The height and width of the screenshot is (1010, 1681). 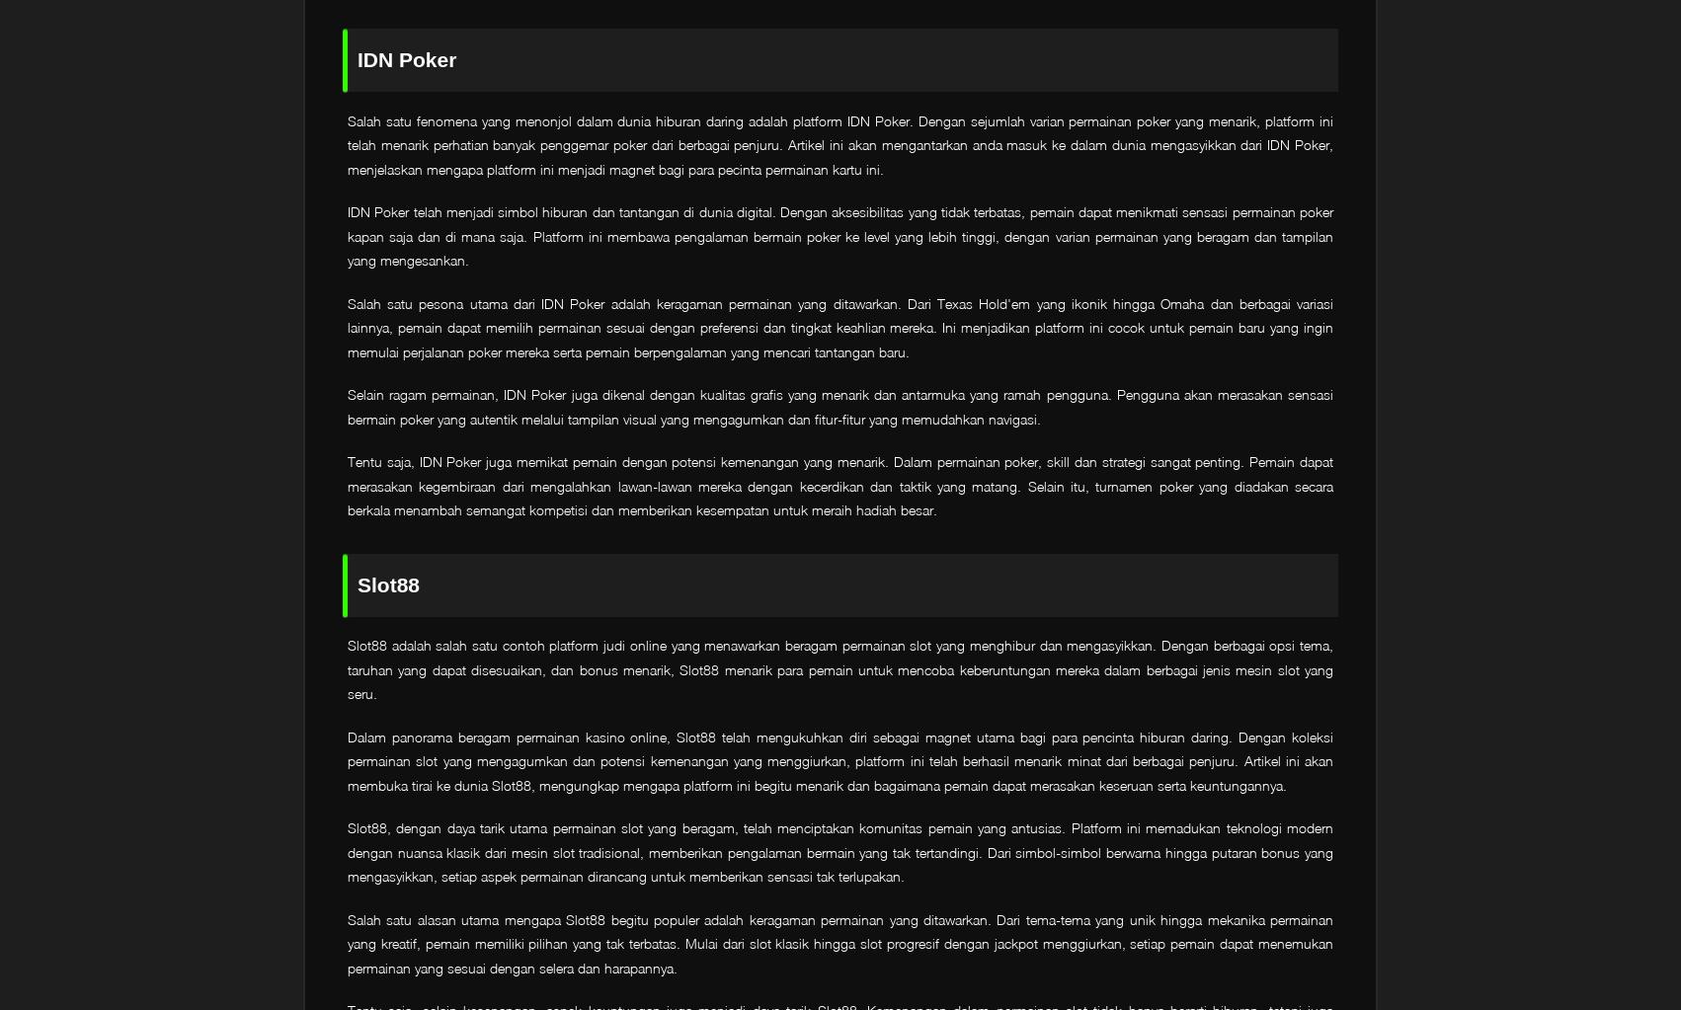 I want to click on 'Slot88, dengan daya tarik utama permainan slot yang beragam, telah menciptakan komunitas pemain yang antusias. Platform ini memadukan teknologi modern dengan nuansa klasik dari mesin slot tradisional, memberikan pengalaman bermain yang tak tertandingi. Dari simbol-simbol berwarna hingga putaran bonus yang mengasyikkan, setiap aspek permainan dirancang untuk memberikan sensasi tak terlupakan.', so click(x=347, y=851).